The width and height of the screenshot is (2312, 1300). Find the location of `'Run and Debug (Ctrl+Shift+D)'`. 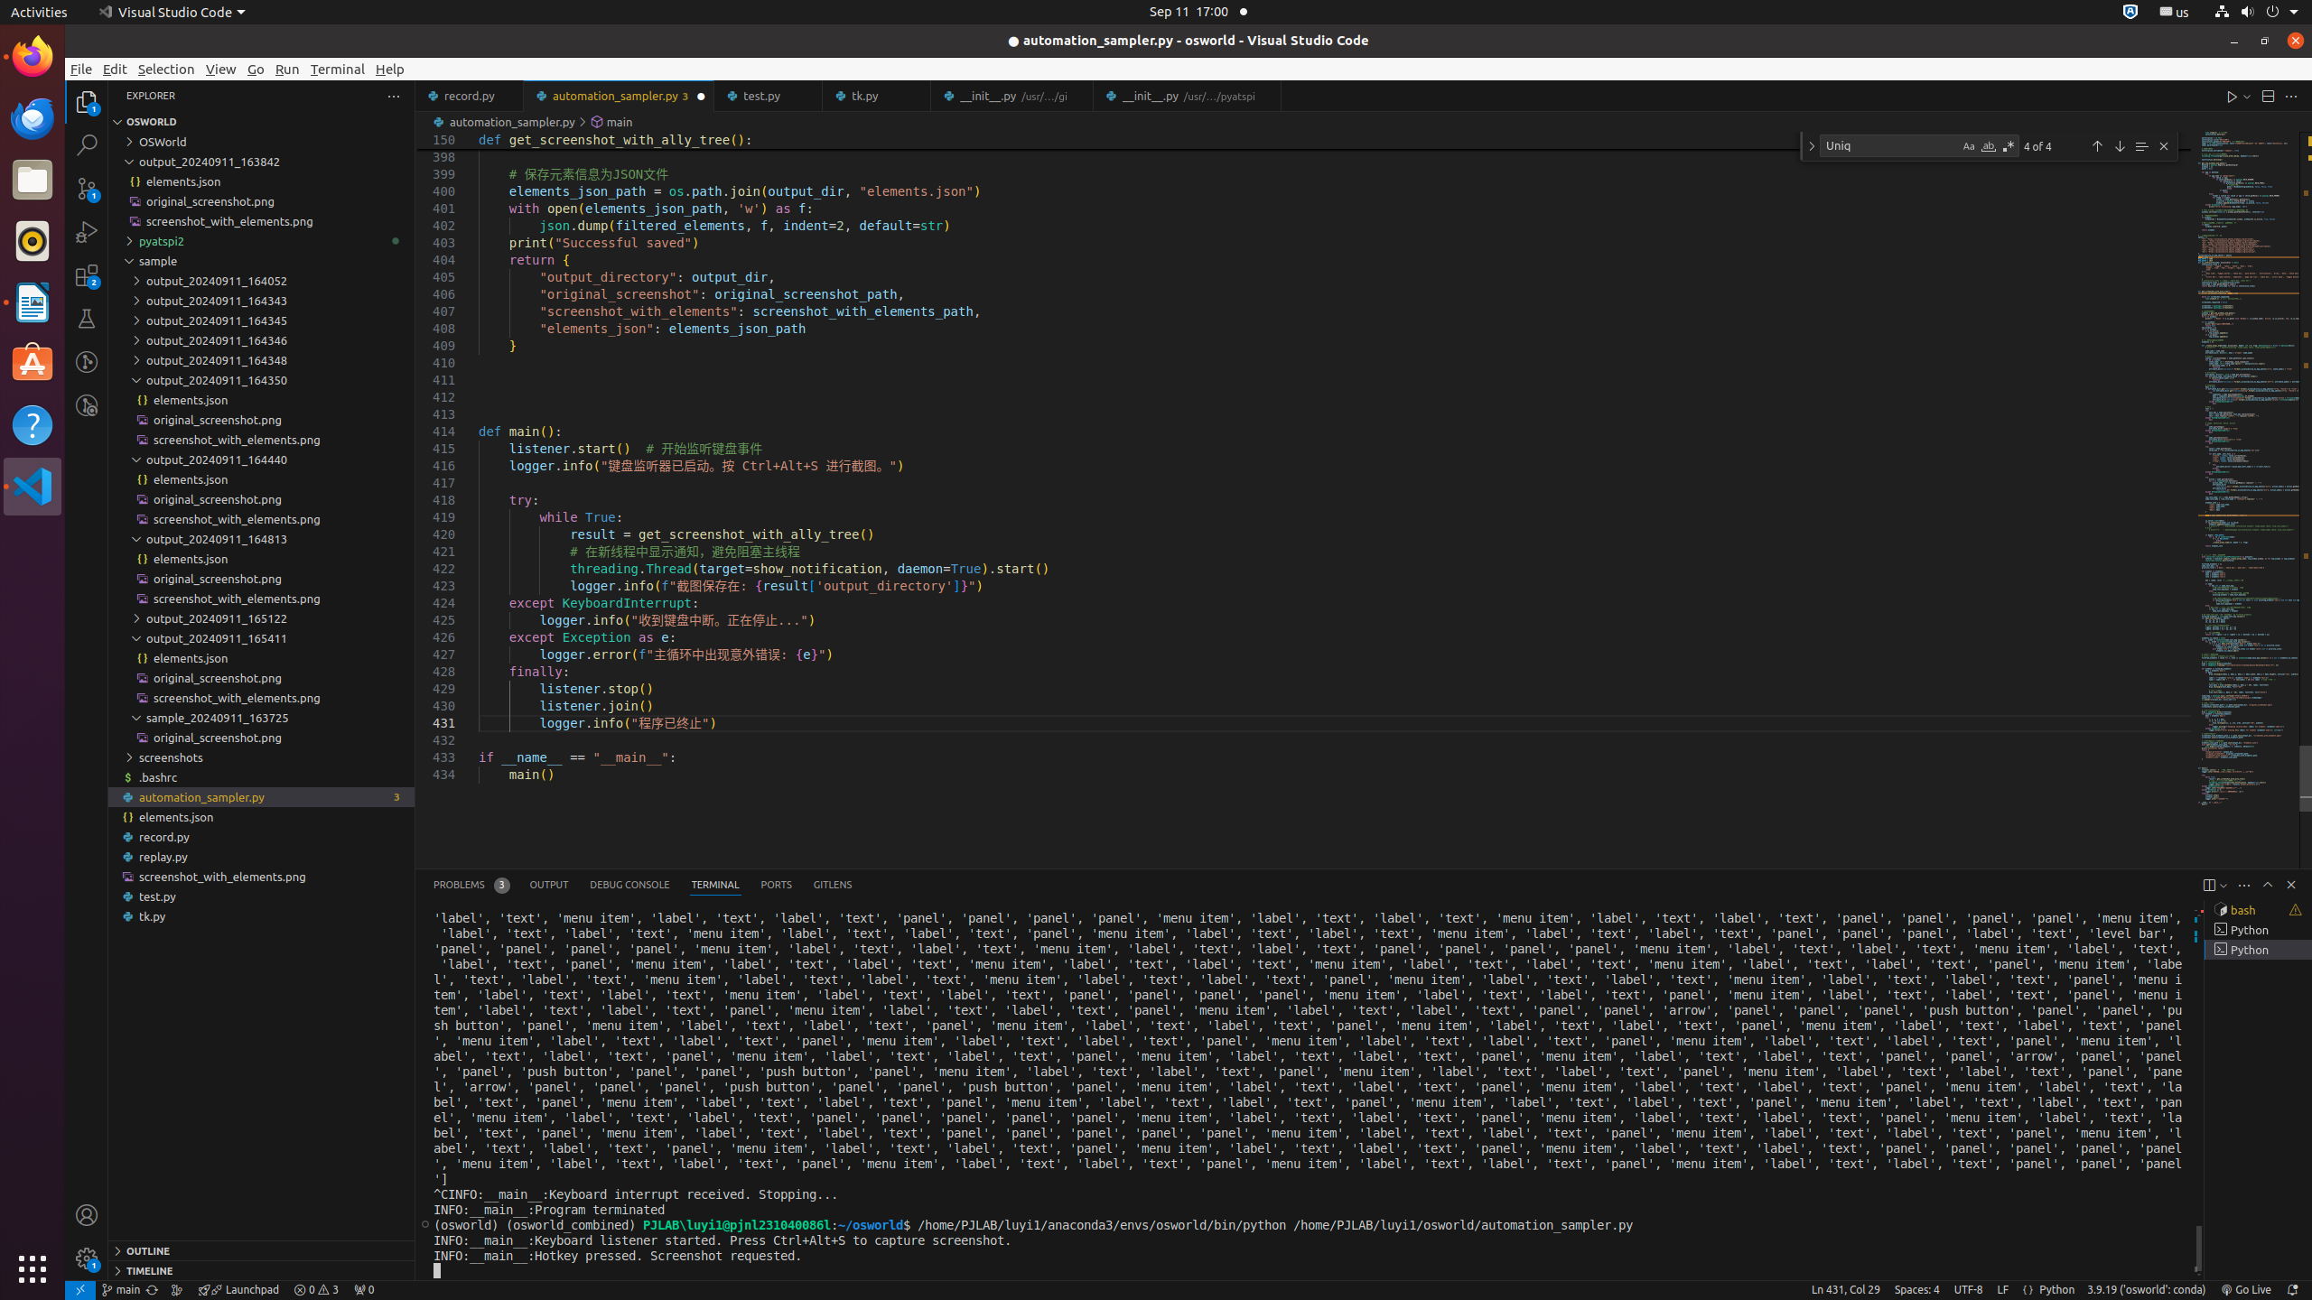

'Run and Debug (Ctrl+Shift+D)' is located at coordinates (86, 231).